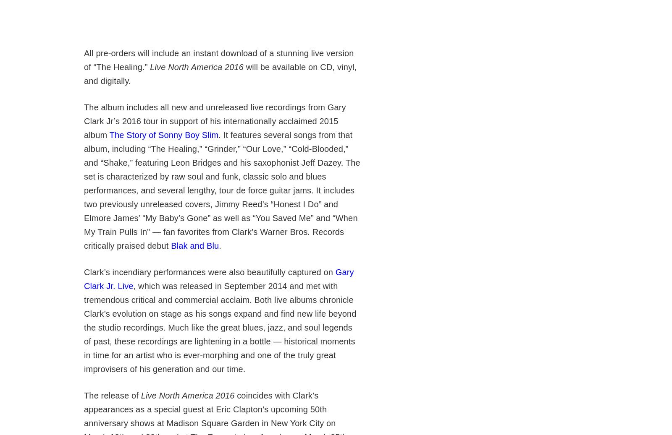  Describe the element at coordinates (84, 60) in the screenshot. I see `'All pre-orders will include an instant download of a stunning live version of “The Healing.”'` at that location.